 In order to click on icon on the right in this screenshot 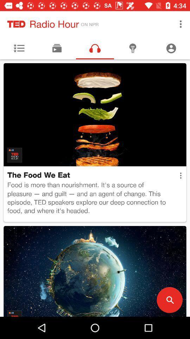, I will do `click(180, 175)`.